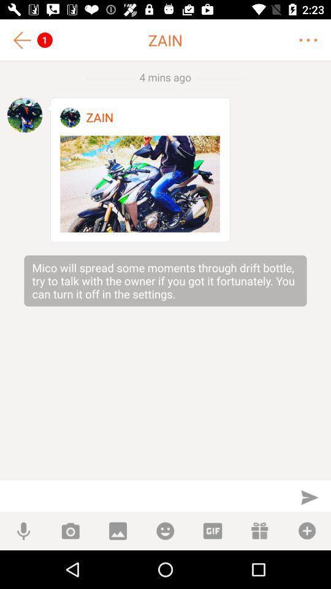  Describe the element at coordinates (70, 530) in the screenshot. I see `take a photo to send` at that location.